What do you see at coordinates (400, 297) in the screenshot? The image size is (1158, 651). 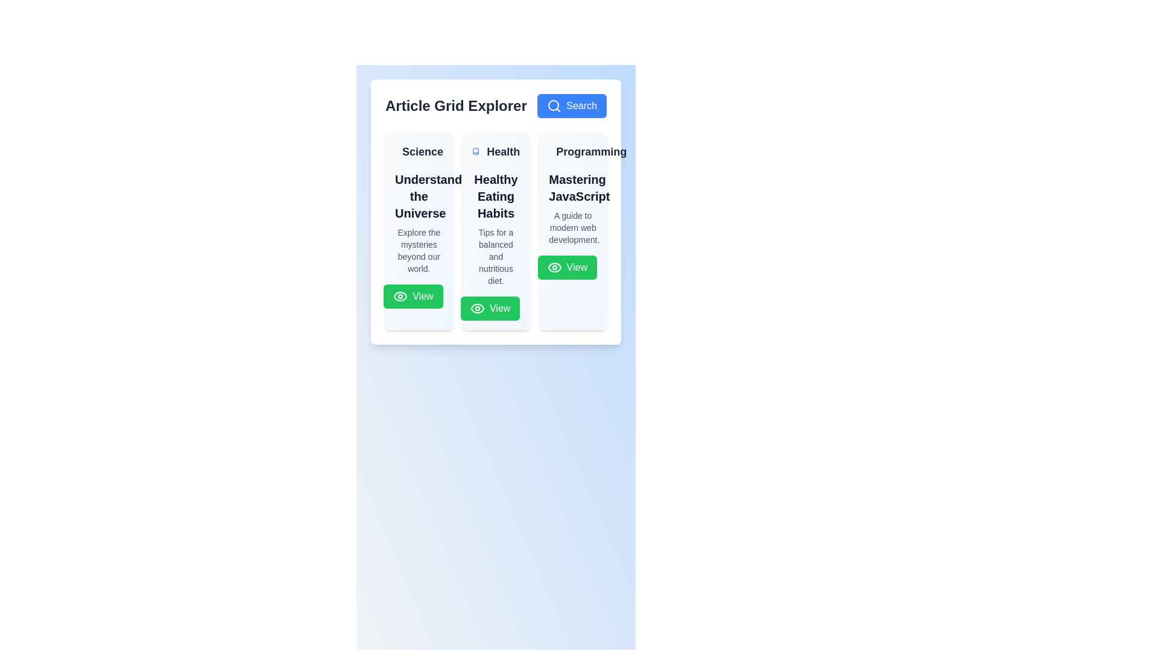 I see `the eye-shaped icon with a white color and green background located within the 'View' button at the bottom of the 'Understand the Universe' card` at bounding box center [400, 297].